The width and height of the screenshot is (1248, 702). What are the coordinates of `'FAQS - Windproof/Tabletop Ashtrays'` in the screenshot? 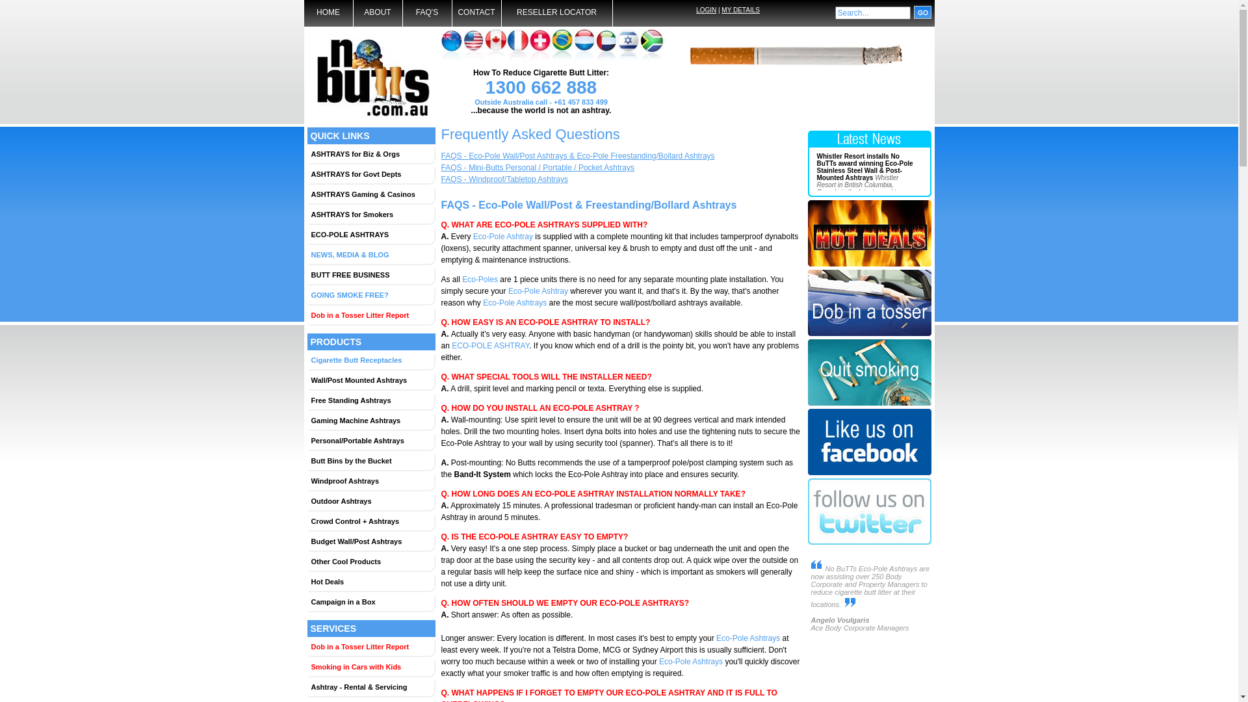 It's located at (503, 179).